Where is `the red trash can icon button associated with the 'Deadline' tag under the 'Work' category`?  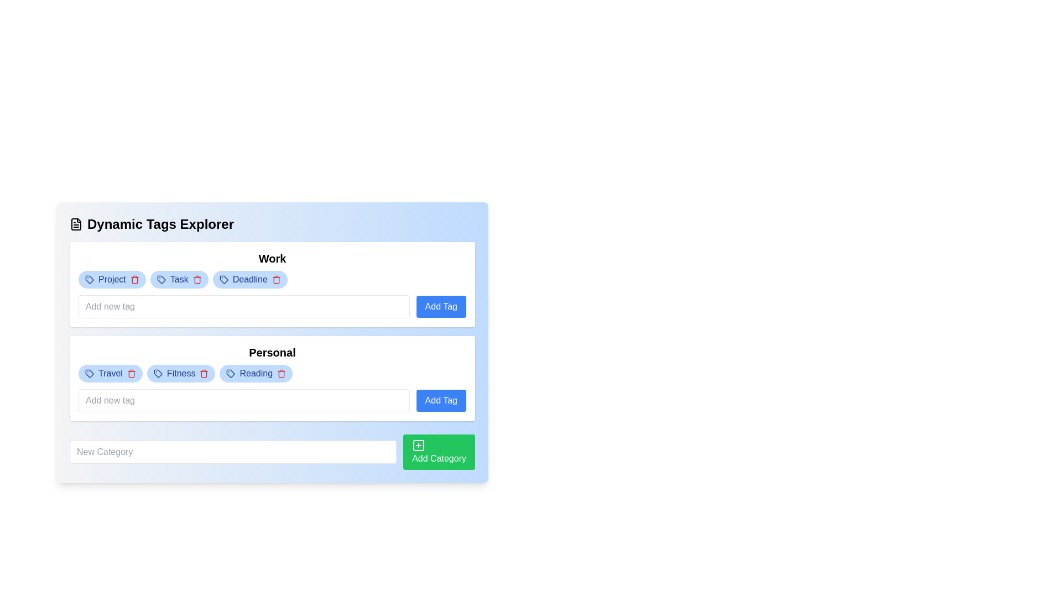 the red trash can icon button associated with the 'Deadline' tag under the 'Work' category is located at coordinates (276, 279).